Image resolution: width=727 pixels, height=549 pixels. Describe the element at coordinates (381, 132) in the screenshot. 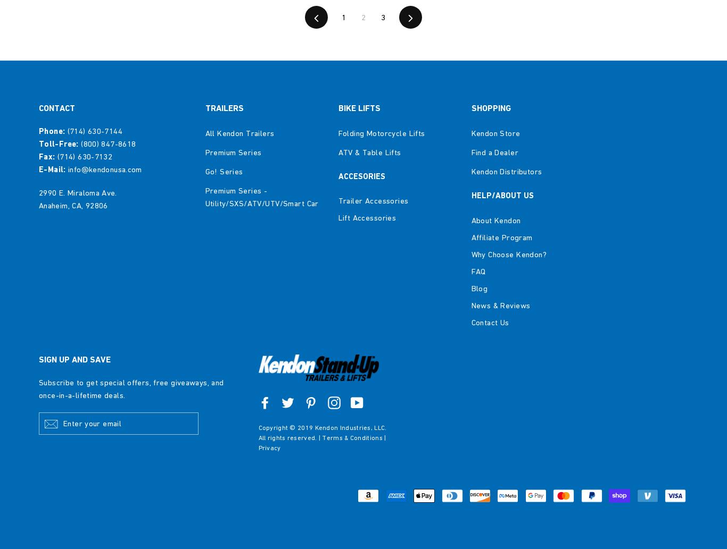

I see `'Folding Motorcycle Lifts'` at that location.